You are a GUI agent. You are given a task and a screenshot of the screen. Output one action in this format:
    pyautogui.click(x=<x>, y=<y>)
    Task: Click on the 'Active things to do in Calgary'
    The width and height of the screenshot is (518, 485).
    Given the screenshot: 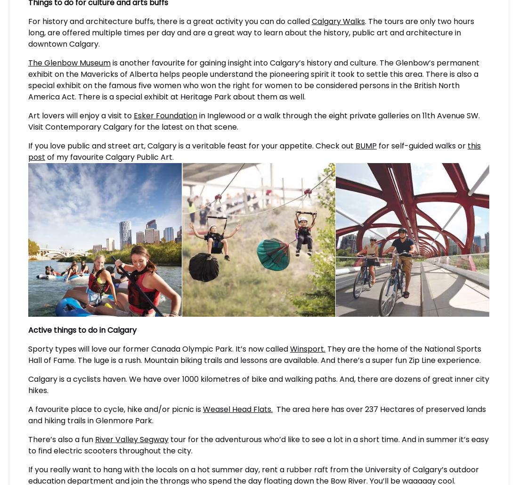 What is the action you would take?
    pyautogui.click(x=82, y=329)
    